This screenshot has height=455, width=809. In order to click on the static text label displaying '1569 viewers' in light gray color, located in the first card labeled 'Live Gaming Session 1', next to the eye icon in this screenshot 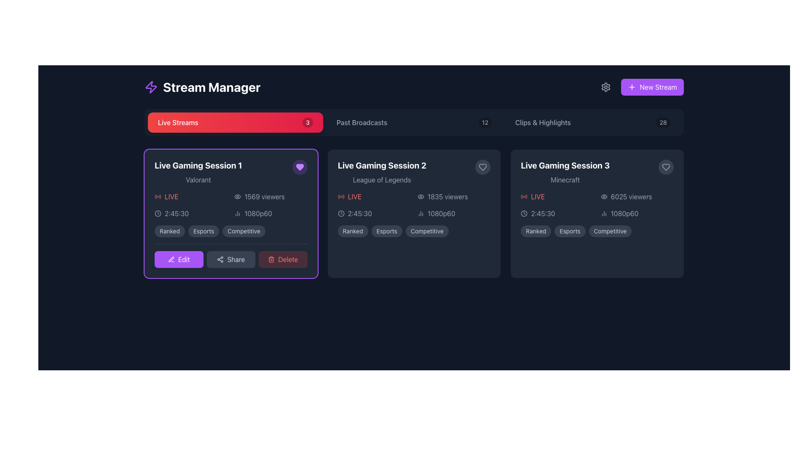, I will do `click(264, 196)`.